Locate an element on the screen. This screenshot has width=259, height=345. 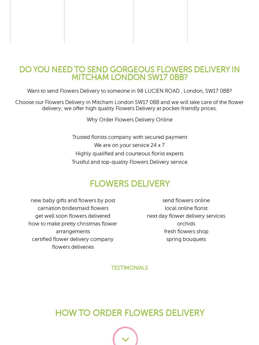
'Trustful and top-quality Flowers Delivery service' is located at coordinates (129, 162).